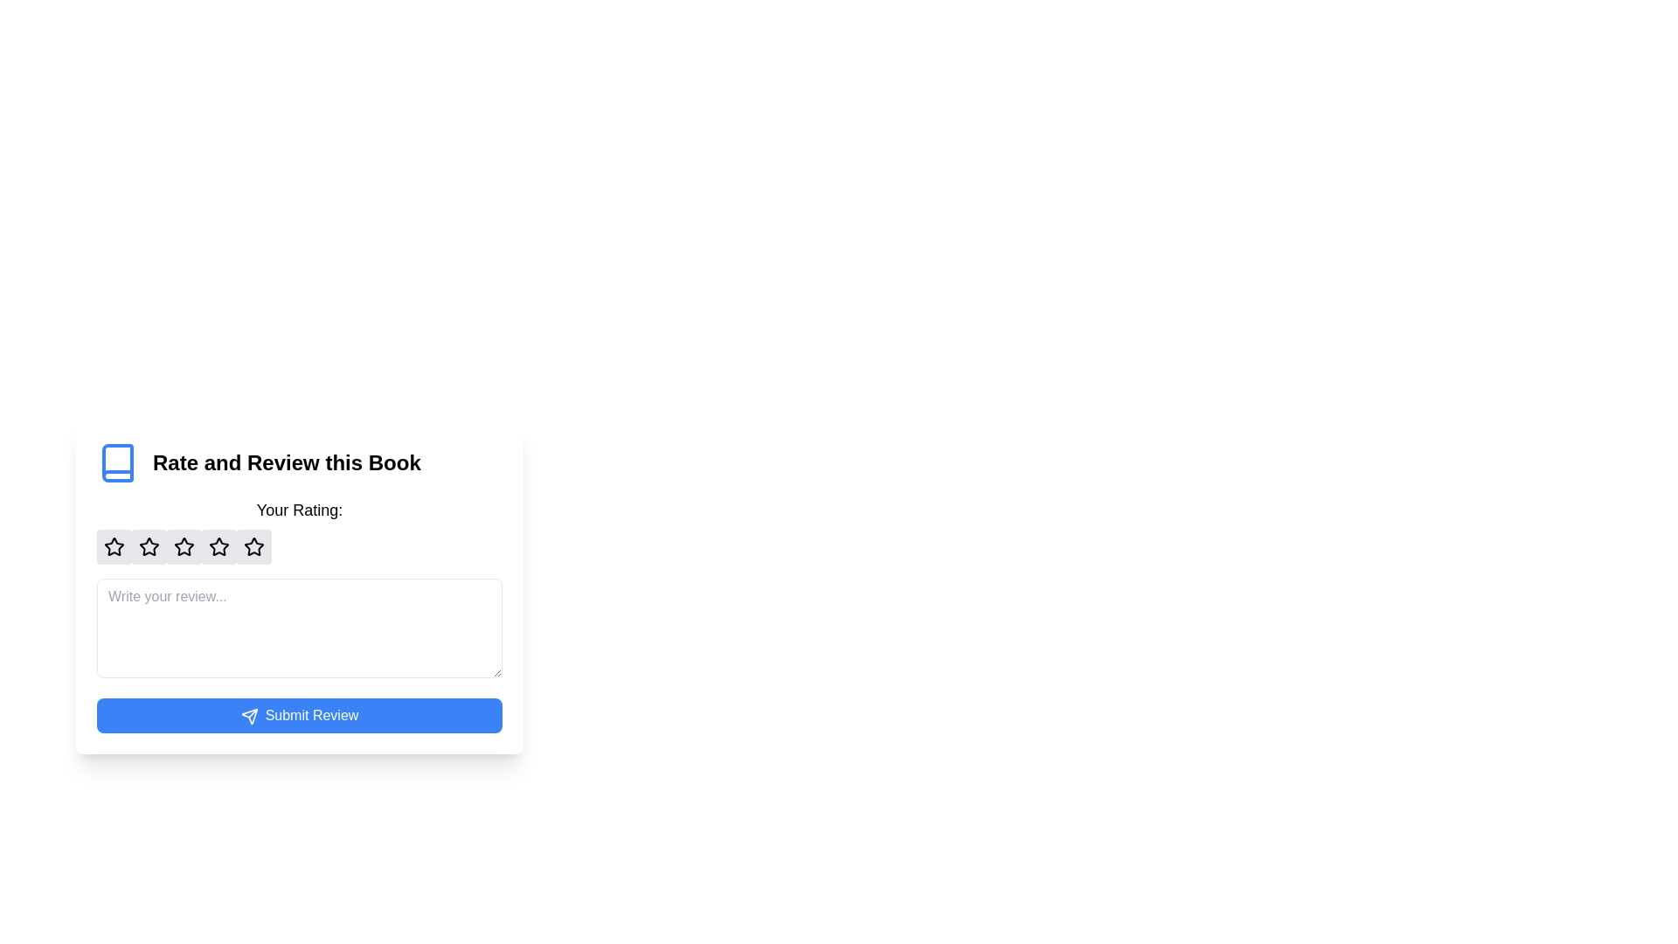 The image size is (1678, 944). What do you see at coordinates (248, 716) in the screenshot?
I see `the small triangular arrow icon within the 'Submit Review' button, which represents a send or submit action` at bounding box center [248, 716].